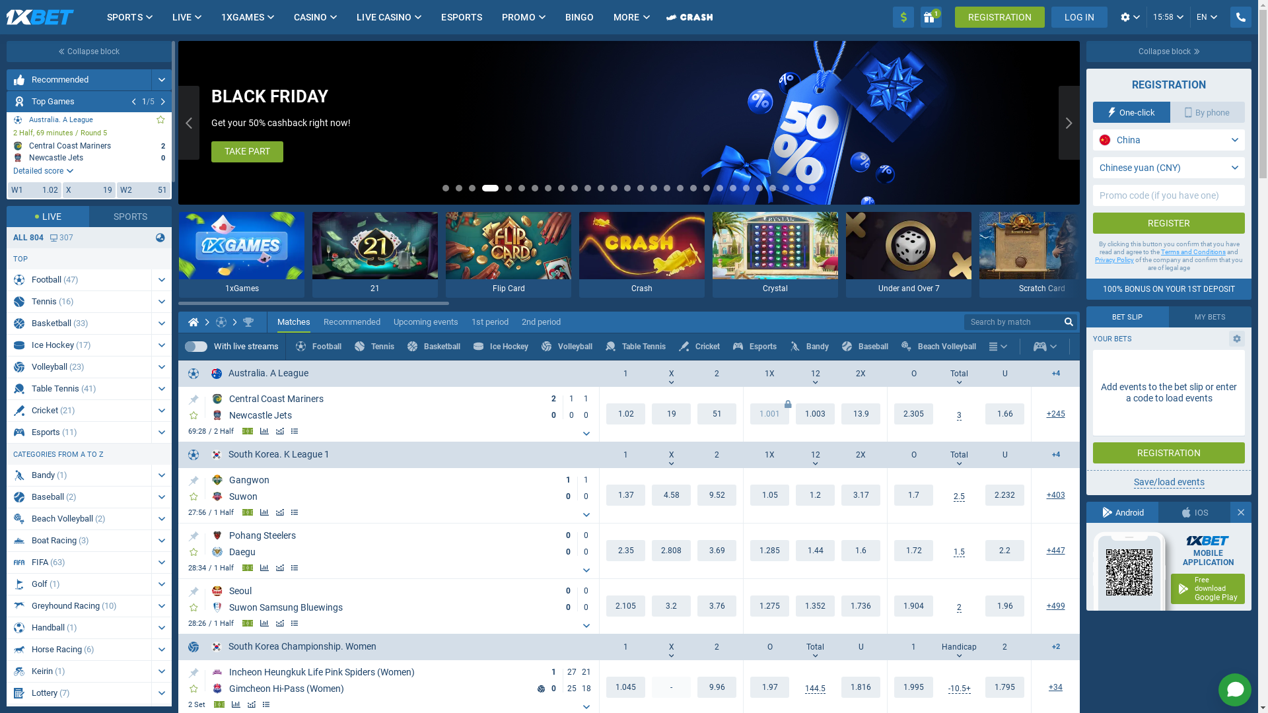 Image resolution: width=1268 pixels, height=713 pixels. I want to click on '2.3', so click(625, 550).